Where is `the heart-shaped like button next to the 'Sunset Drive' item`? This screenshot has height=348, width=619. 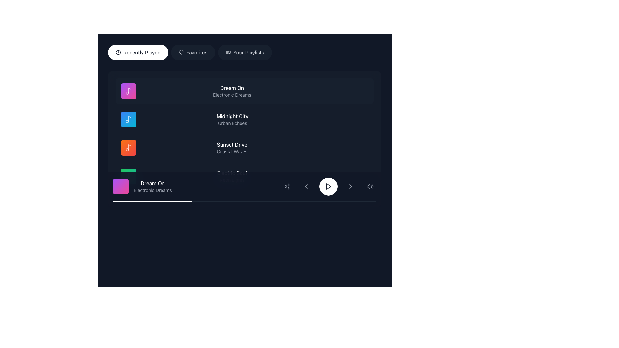 the heart-shaped like button next to the 'Sunset Drive' item is located at coordinates (333, 148).